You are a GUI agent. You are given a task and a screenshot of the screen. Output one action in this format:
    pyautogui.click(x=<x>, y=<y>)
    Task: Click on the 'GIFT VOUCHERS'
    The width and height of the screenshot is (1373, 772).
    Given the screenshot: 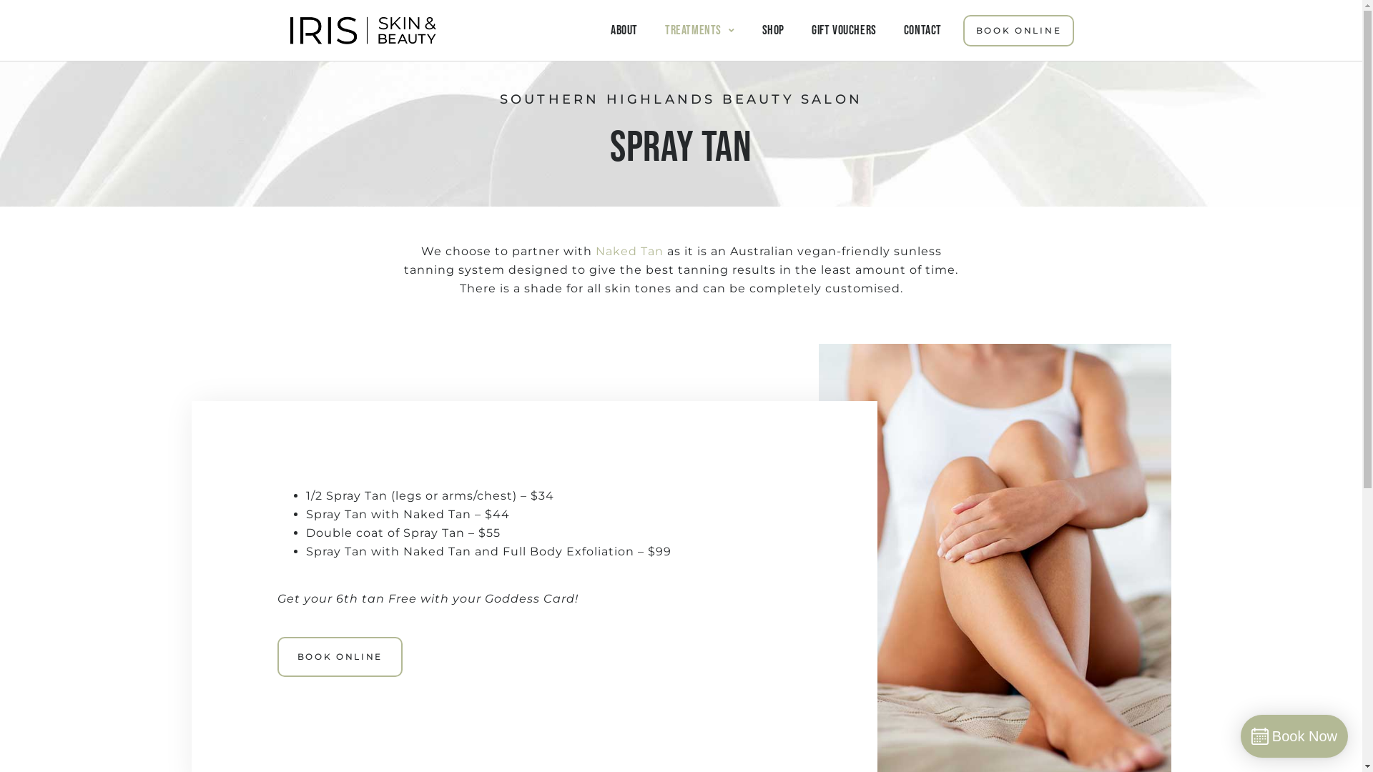 What is the action you would take?
    pyautogui.click(x=830, y=30)
    